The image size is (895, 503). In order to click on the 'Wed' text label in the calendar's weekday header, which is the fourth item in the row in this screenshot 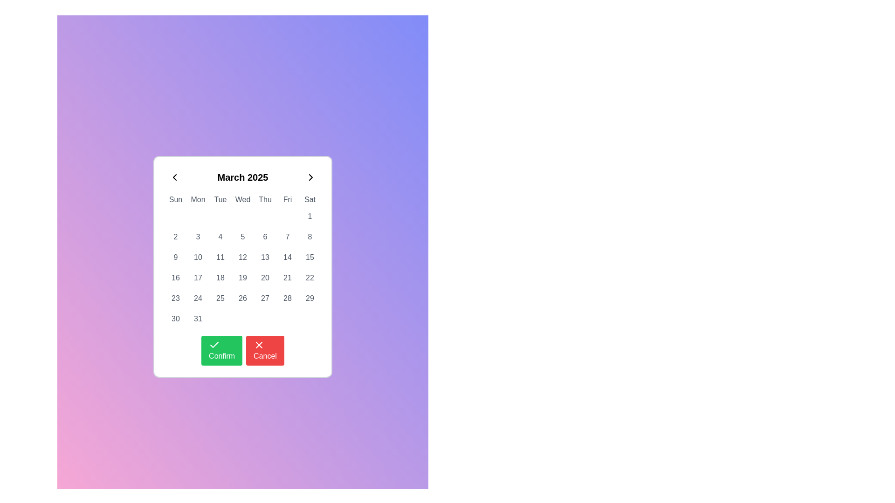, I will do `click(243, 199)`.